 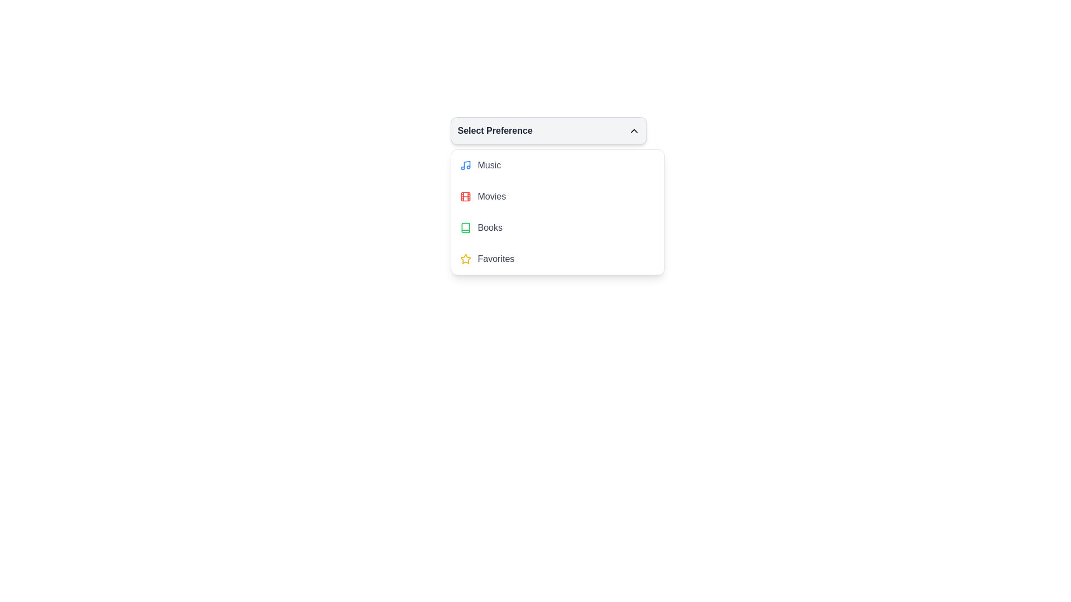 What do you see at coordinates (465, 196) in the screenshot?
I see `the 'Movies' Icon located to the left of the 'Movies' text label in the dropdown menu under 'Select Preference'` at bounding box center [465, 196].